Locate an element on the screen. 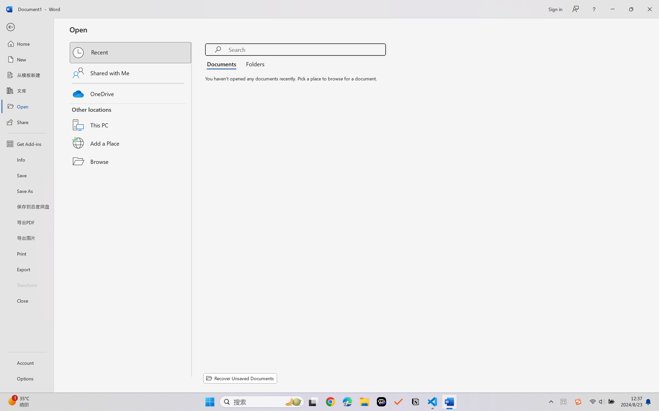  'Folders' is located at coordinates (254, 63).